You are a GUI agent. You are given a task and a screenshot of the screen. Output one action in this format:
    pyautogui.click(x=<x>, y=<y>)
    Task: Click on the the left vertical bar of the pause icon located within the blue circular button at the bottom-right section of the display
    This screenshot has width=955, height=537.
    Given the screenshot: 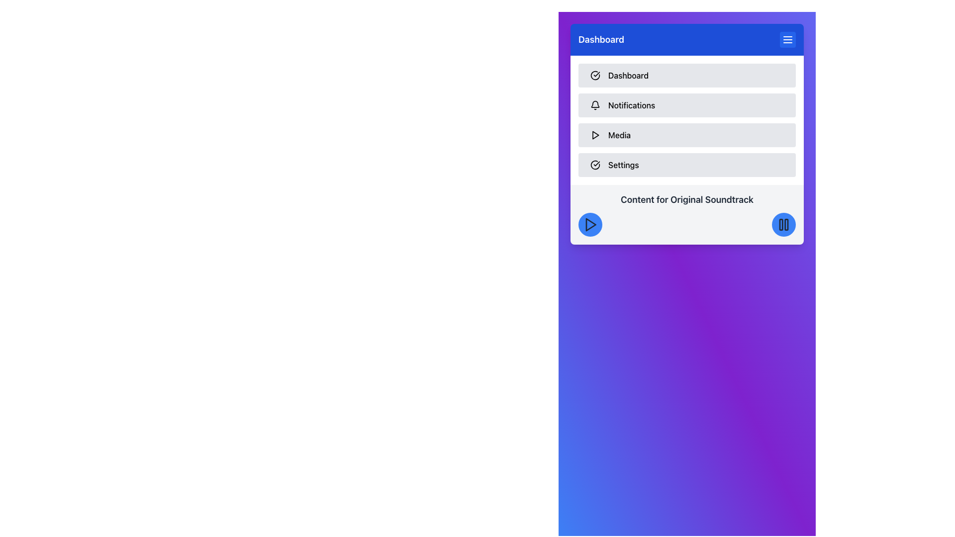 What is the action you would take?
    pyautogui.click(x=780, y=224)
    